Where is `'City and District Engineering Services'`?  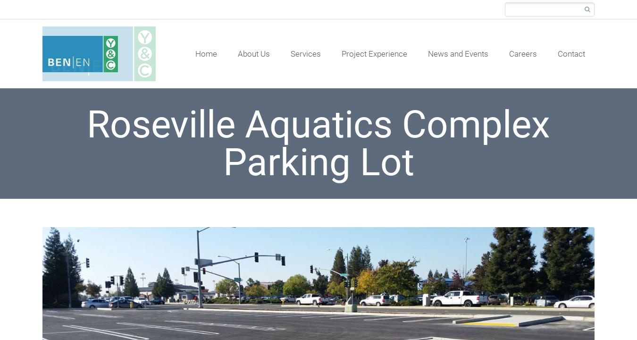 'City and District Engineering Services' is located at coordinates (344, 318).